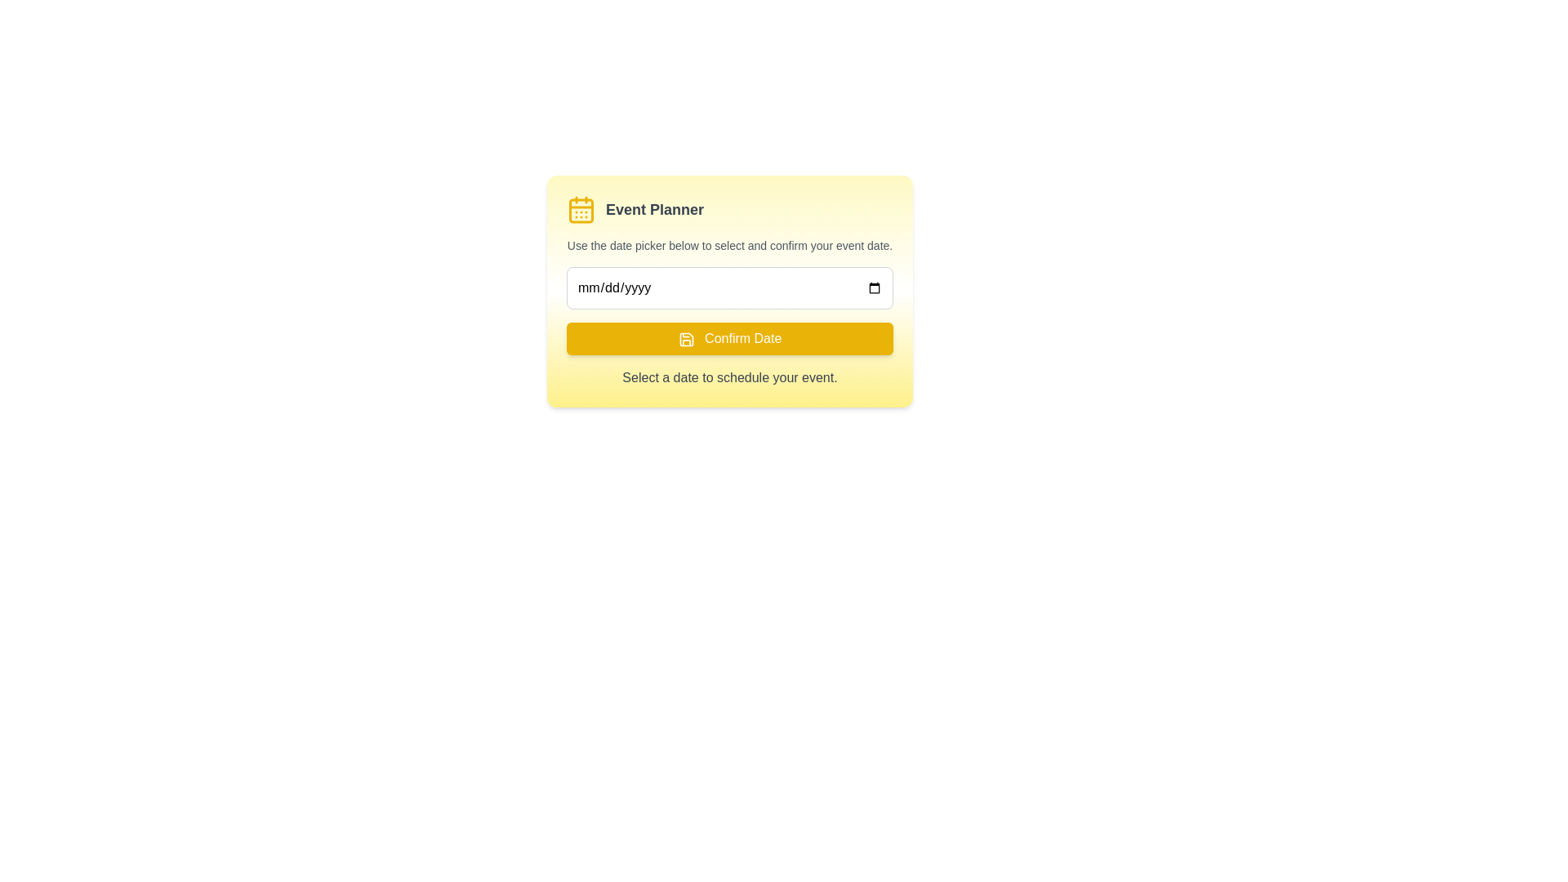 The height and width of the screenshot is (882, 1568). What do you see at coordinates (581, 209) in the screenshot?
I see `the yellow calendar icon with line art style, located to the left of the text 'Event Planner' in the header section of the card` at bounding box center [581, 209].